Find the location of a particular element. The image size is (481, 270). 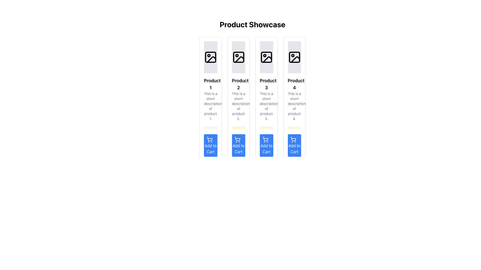

textual description located beneath the title 'Product 4' in the fourth product column of the product card layout is located at coordinates (294, 106).